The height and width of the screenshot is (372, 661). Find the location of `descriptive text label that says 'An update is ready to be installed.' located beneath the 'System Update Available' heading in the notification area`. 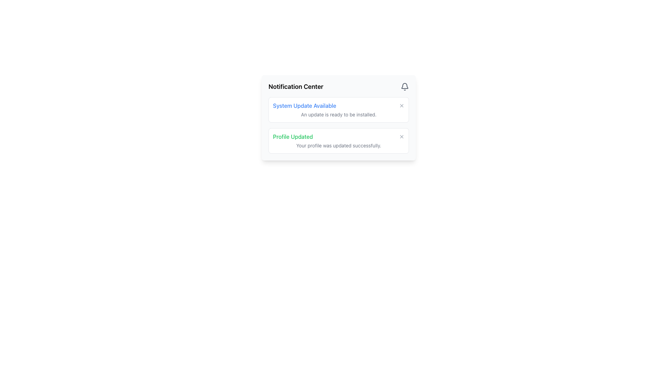

descriptive text label that says 'An update is ready to be installed.' located beneath the 'System Update Available' heading in the notification area is located at coordinates (338, 114).